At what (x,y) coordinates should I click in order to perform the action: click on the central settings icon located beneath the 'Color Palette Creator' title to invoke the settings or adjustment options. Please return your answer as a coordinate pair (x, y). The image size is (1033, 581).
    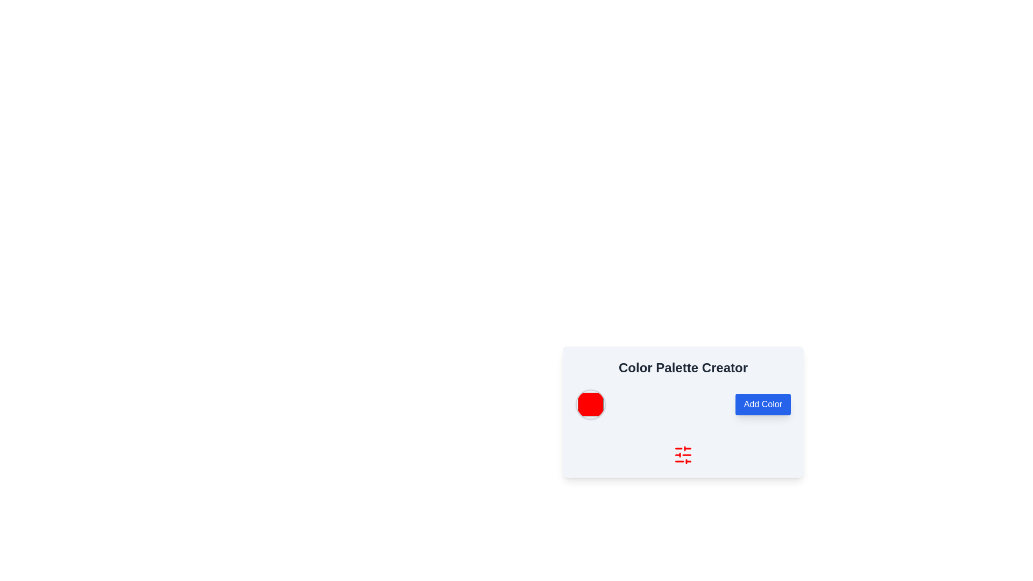
    Looking at the image, I should click on (683, 455).